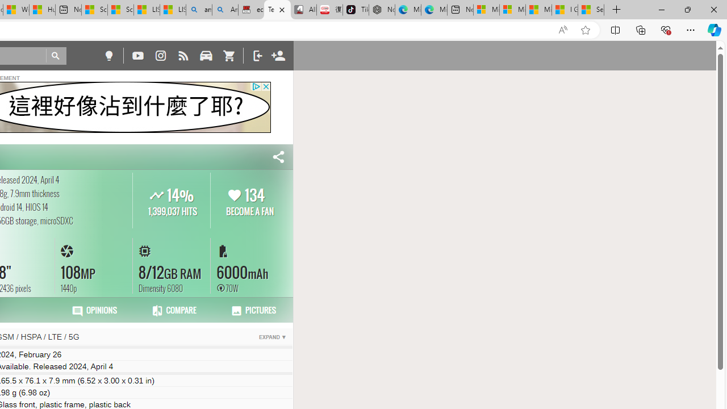 This screenshot has width=727, height=409. Describe the element at coordinates (255, 86) in the screenshot. I see `'Class: privacy_out'` at that location.